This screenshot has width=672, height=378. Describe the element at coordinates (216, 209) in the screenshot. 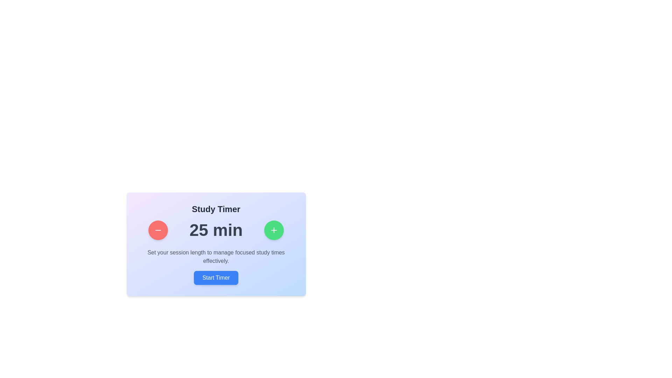

I see `the bold title text 'Study Timer' which is styled in a large font size and is centered at the top of a light gradient box` at that location.